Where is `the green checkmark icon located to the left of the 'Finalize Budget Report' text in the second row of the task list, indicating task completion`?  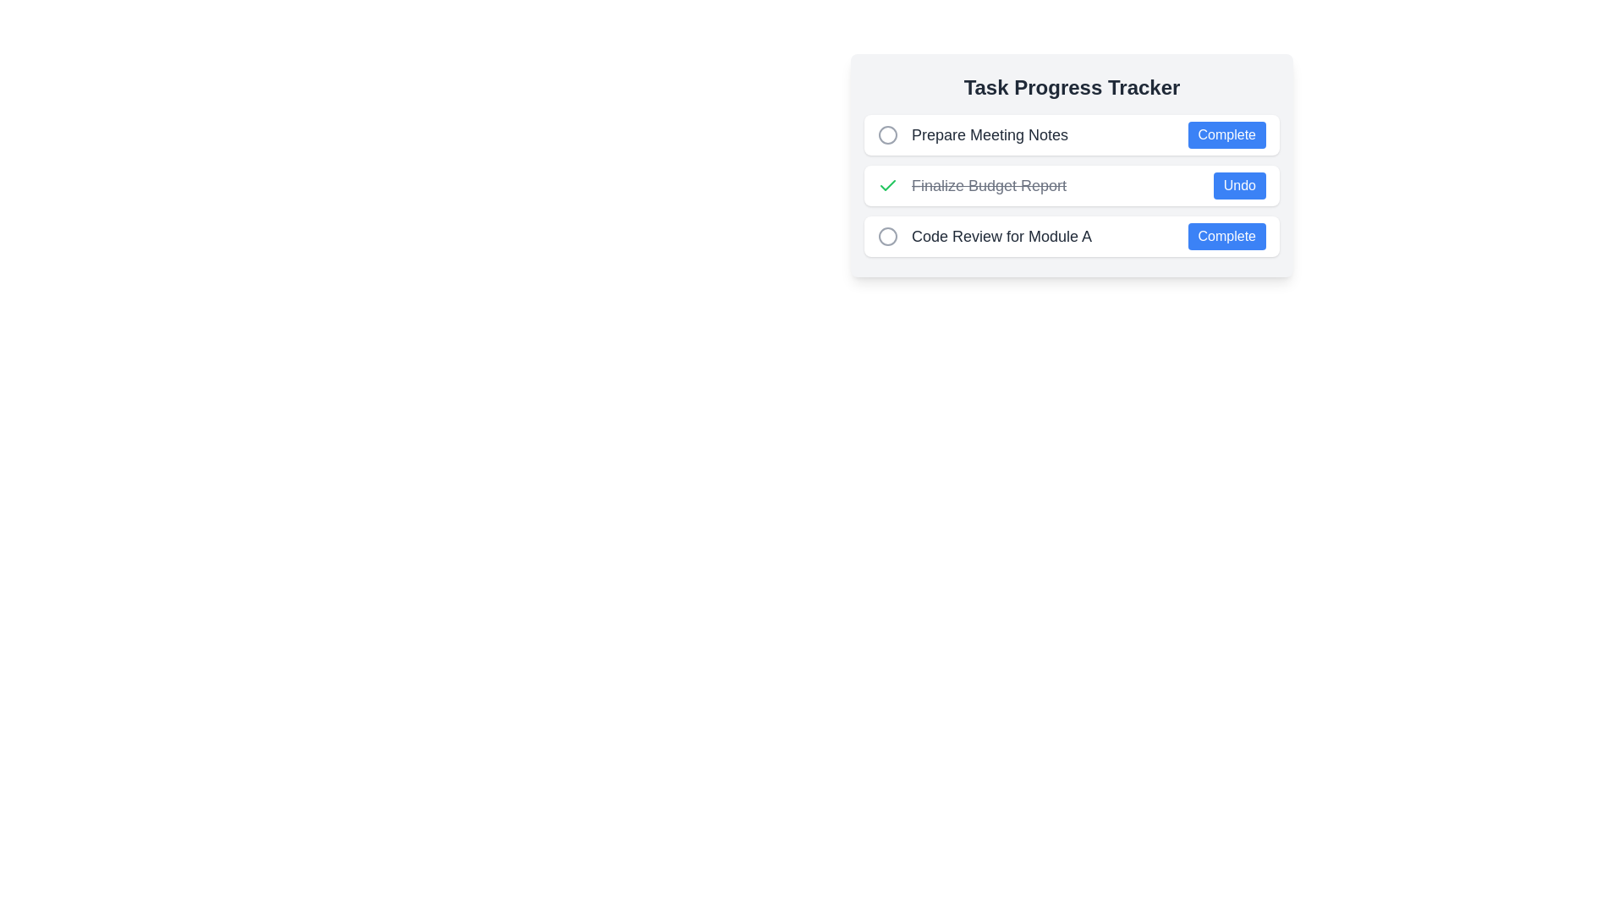
the green checkmark icon located to the left of the 'Finalize Budget Report' text in the second row of the task list, indicating task completion is located at coordinates (887, 185).